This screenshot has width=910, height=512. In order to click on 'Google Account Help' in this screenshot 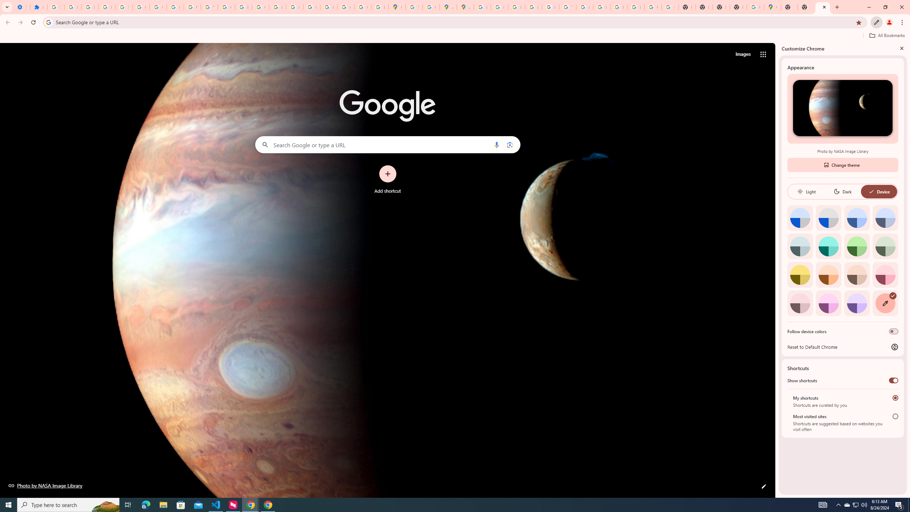, I will do `click(158, 7)`.